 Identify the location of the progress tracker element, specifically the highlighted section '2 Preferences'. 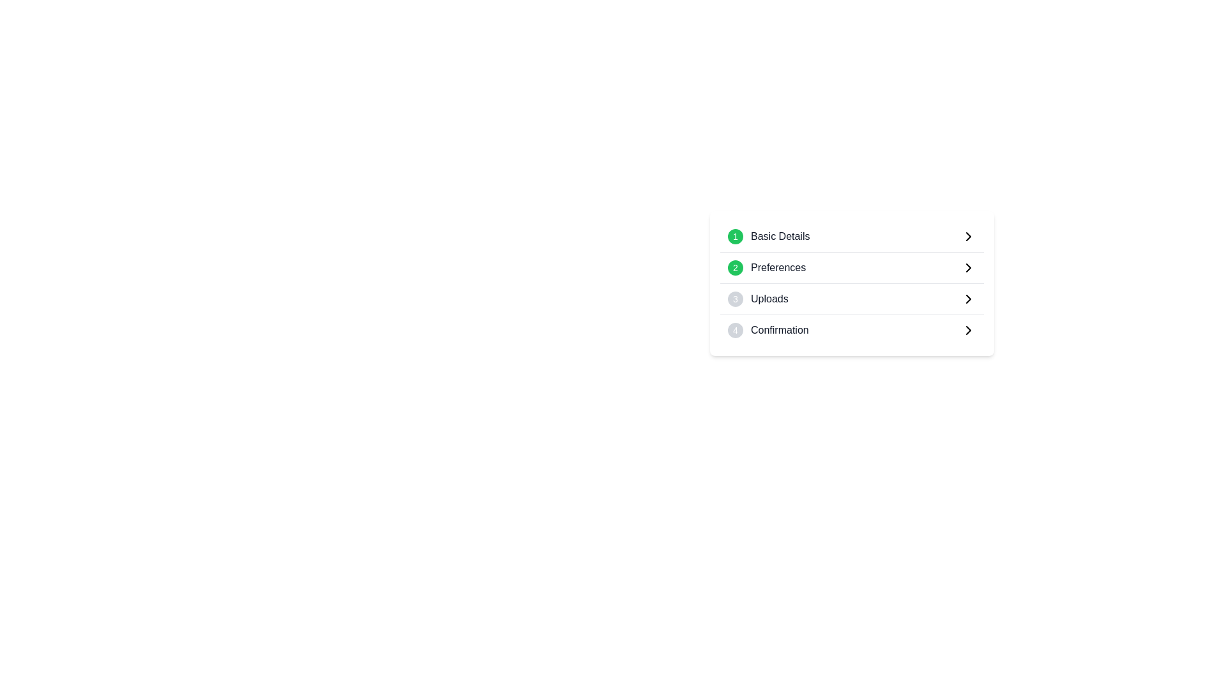
(852, 283).